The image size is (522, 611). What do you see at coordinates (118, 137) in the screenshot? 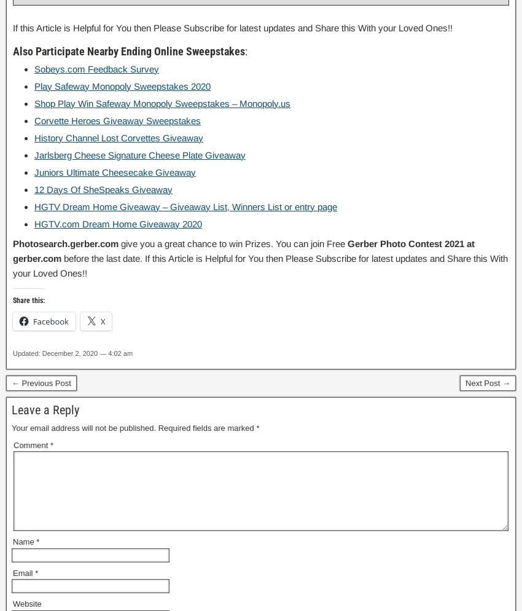
I see `'History Channel Lost Corvettes Giveaway'` at bounding box center [118, 137].